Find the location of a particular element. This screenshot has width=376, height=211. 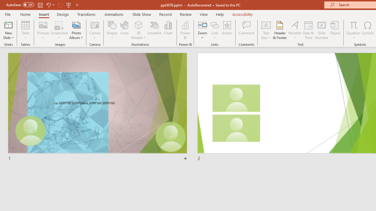

'Symbol...' is located at coordinates (367, 30).